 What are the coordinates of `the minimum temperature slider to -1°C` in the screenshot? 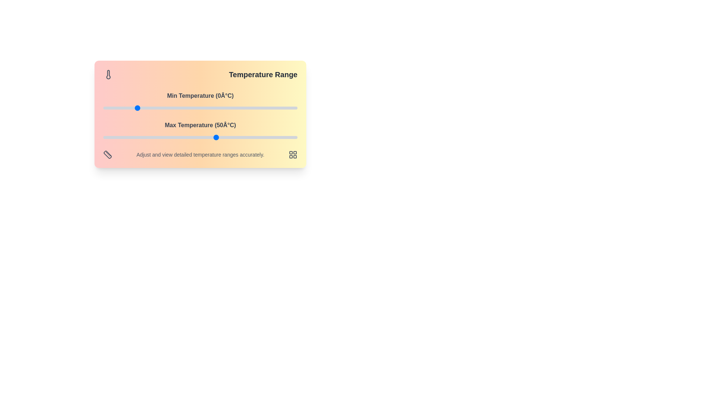 It's located at (134, 108).